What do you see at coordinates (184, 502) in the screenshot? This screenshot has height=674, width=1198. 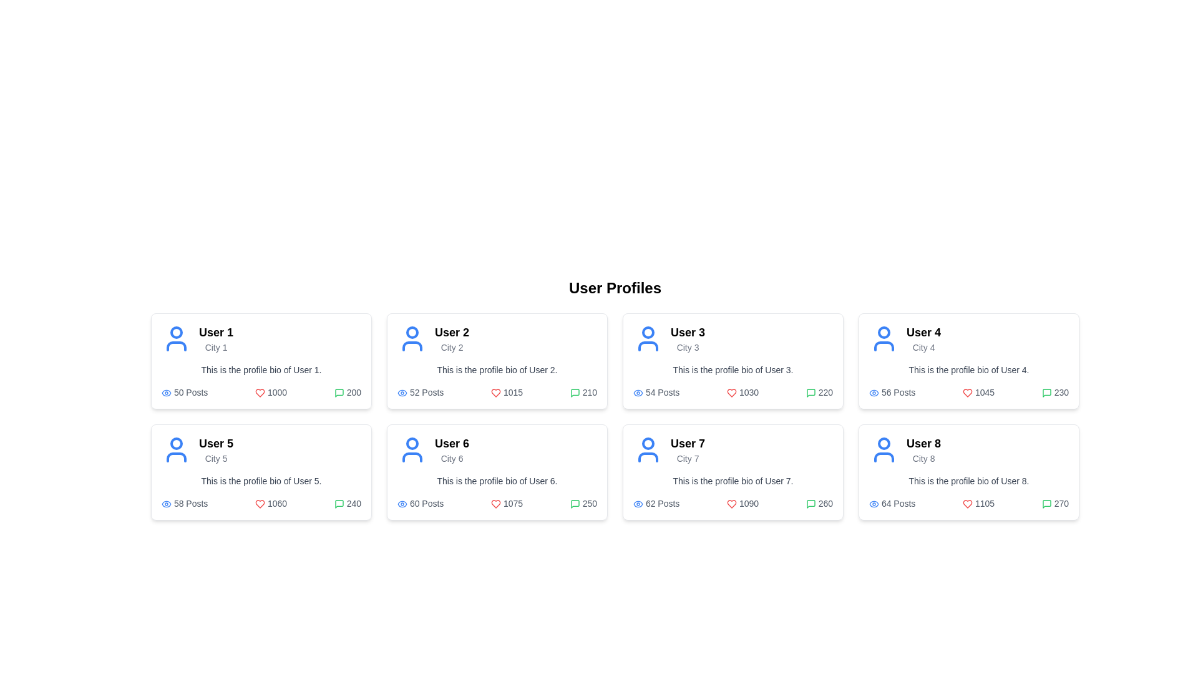 I see `the '58 Posts' text label with an eye icon located at the bottom-left corner of 'User 5's user card` at bounding box center [184, 502].